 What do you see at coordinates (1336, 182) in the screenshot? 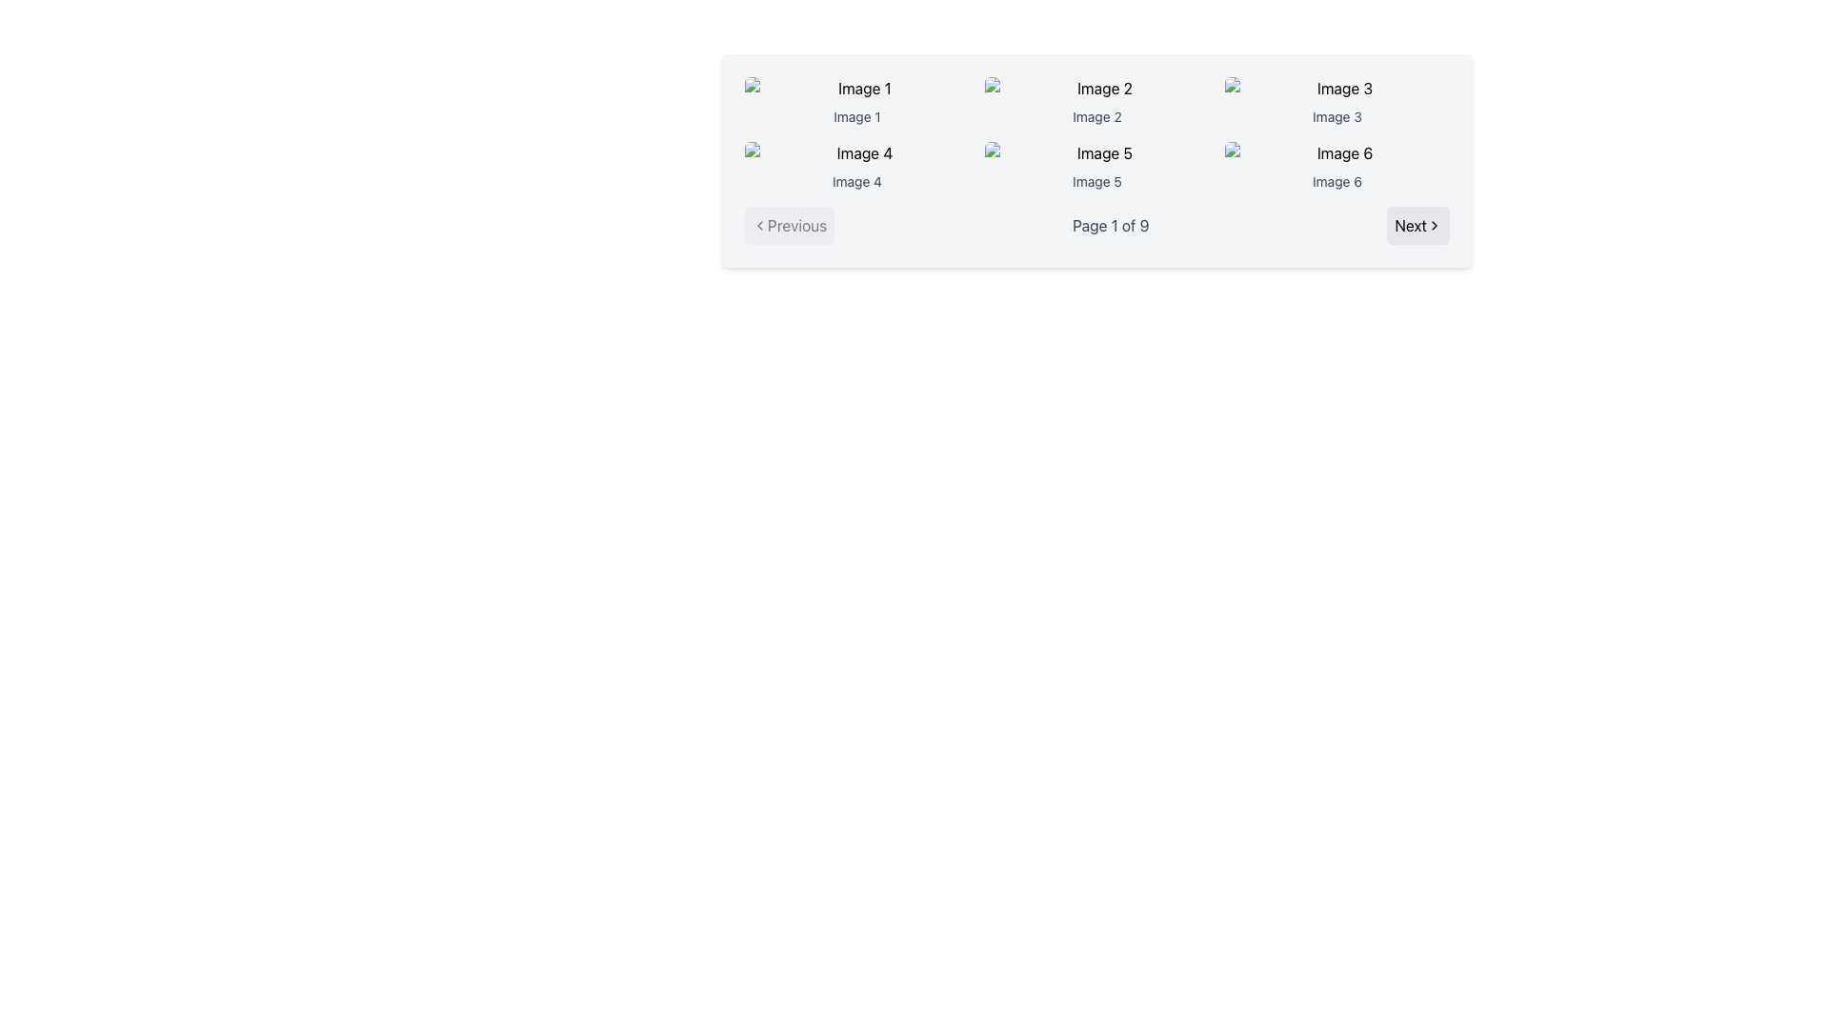
I see `the label below the sixth image` at bounding box center [1336, 182].